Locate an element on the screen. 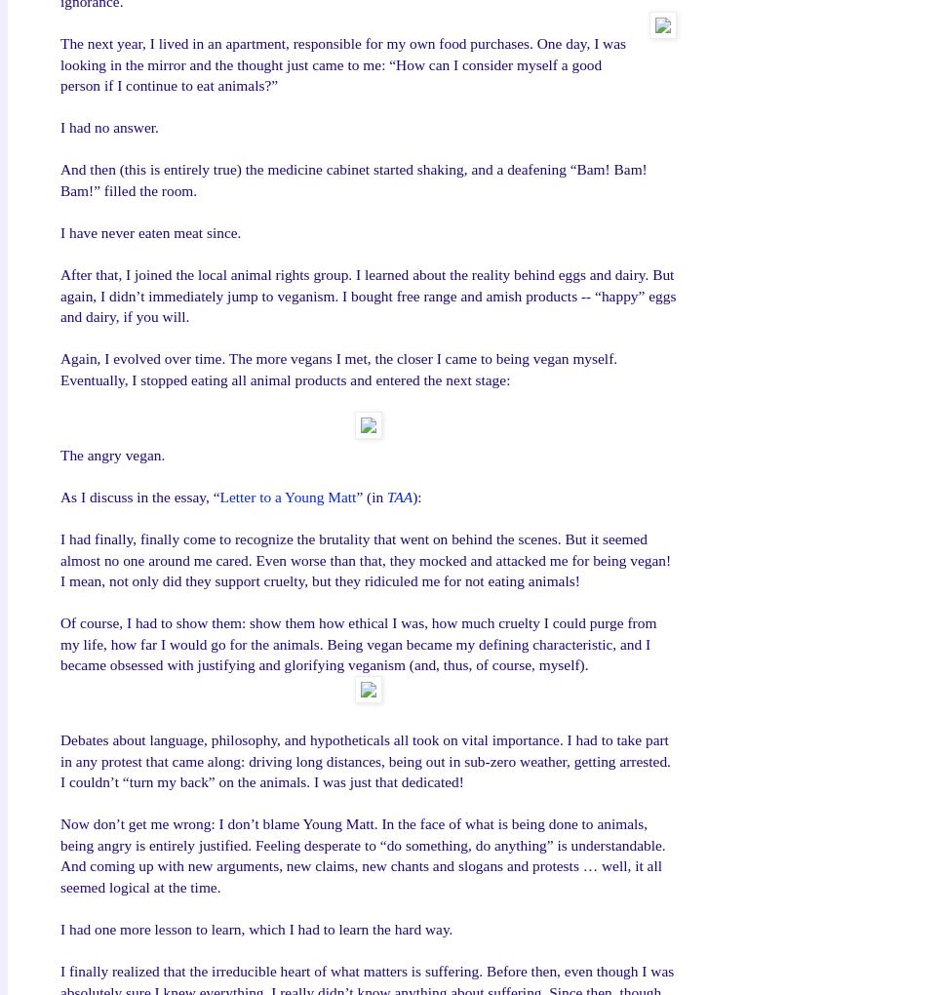 The image size is (944, 995). 'Of course, I had to show them: show them how ethical I was, how much cruelty I could purge from my life, how far I would go for the animals. Being vegan became my defining characteristic, and I became obsessed with justifying and glorifying veganism (and, thus, of course, myself).' is located at coordinates (357, 644).